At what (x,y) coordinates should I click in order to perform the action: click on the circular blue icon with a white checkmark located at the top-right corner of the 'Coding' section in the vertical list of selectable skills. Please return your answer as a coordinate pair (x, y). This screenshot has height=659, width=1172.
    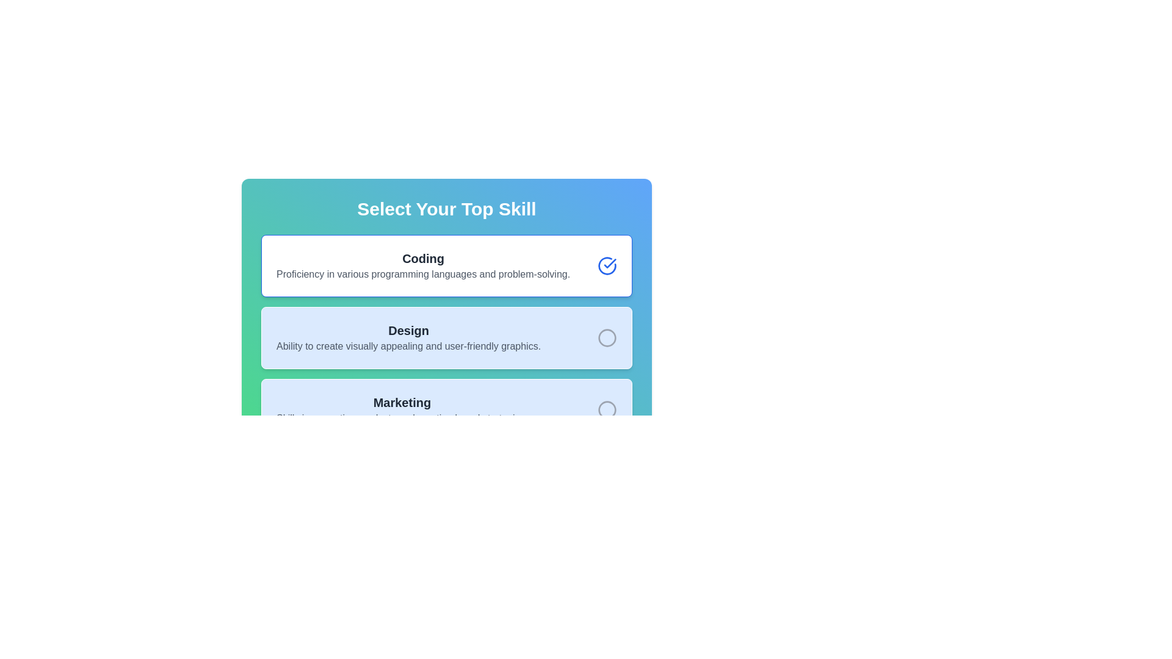
    Looking at the image, I should click on (607, 265).